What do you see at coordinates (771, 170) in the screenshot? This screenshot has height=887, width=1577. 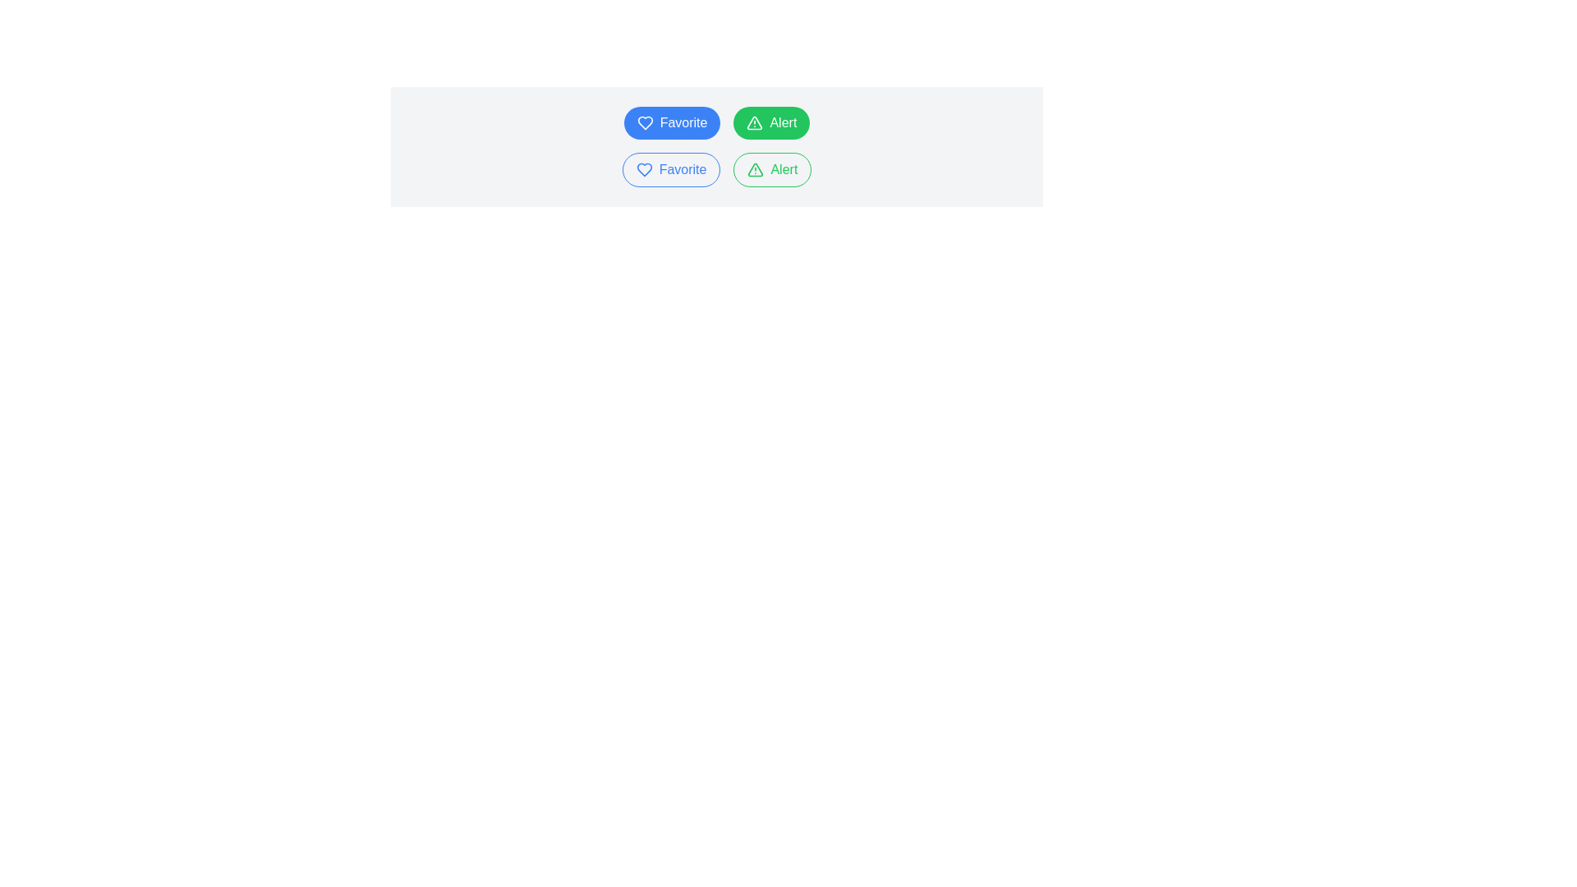 I see `the 'Alert' button, which has a rounded edge, green border, and a warning triangle icon` at bounding box center [771, 170].